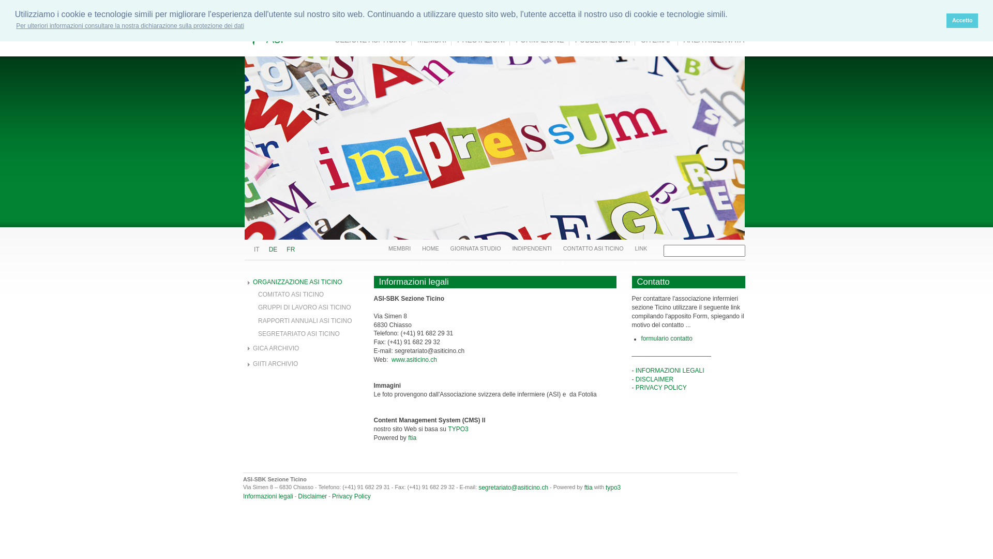 The width and height of the screenshot is (993, 559). I want to click on 'Informazioni legali', so click(243, 496).